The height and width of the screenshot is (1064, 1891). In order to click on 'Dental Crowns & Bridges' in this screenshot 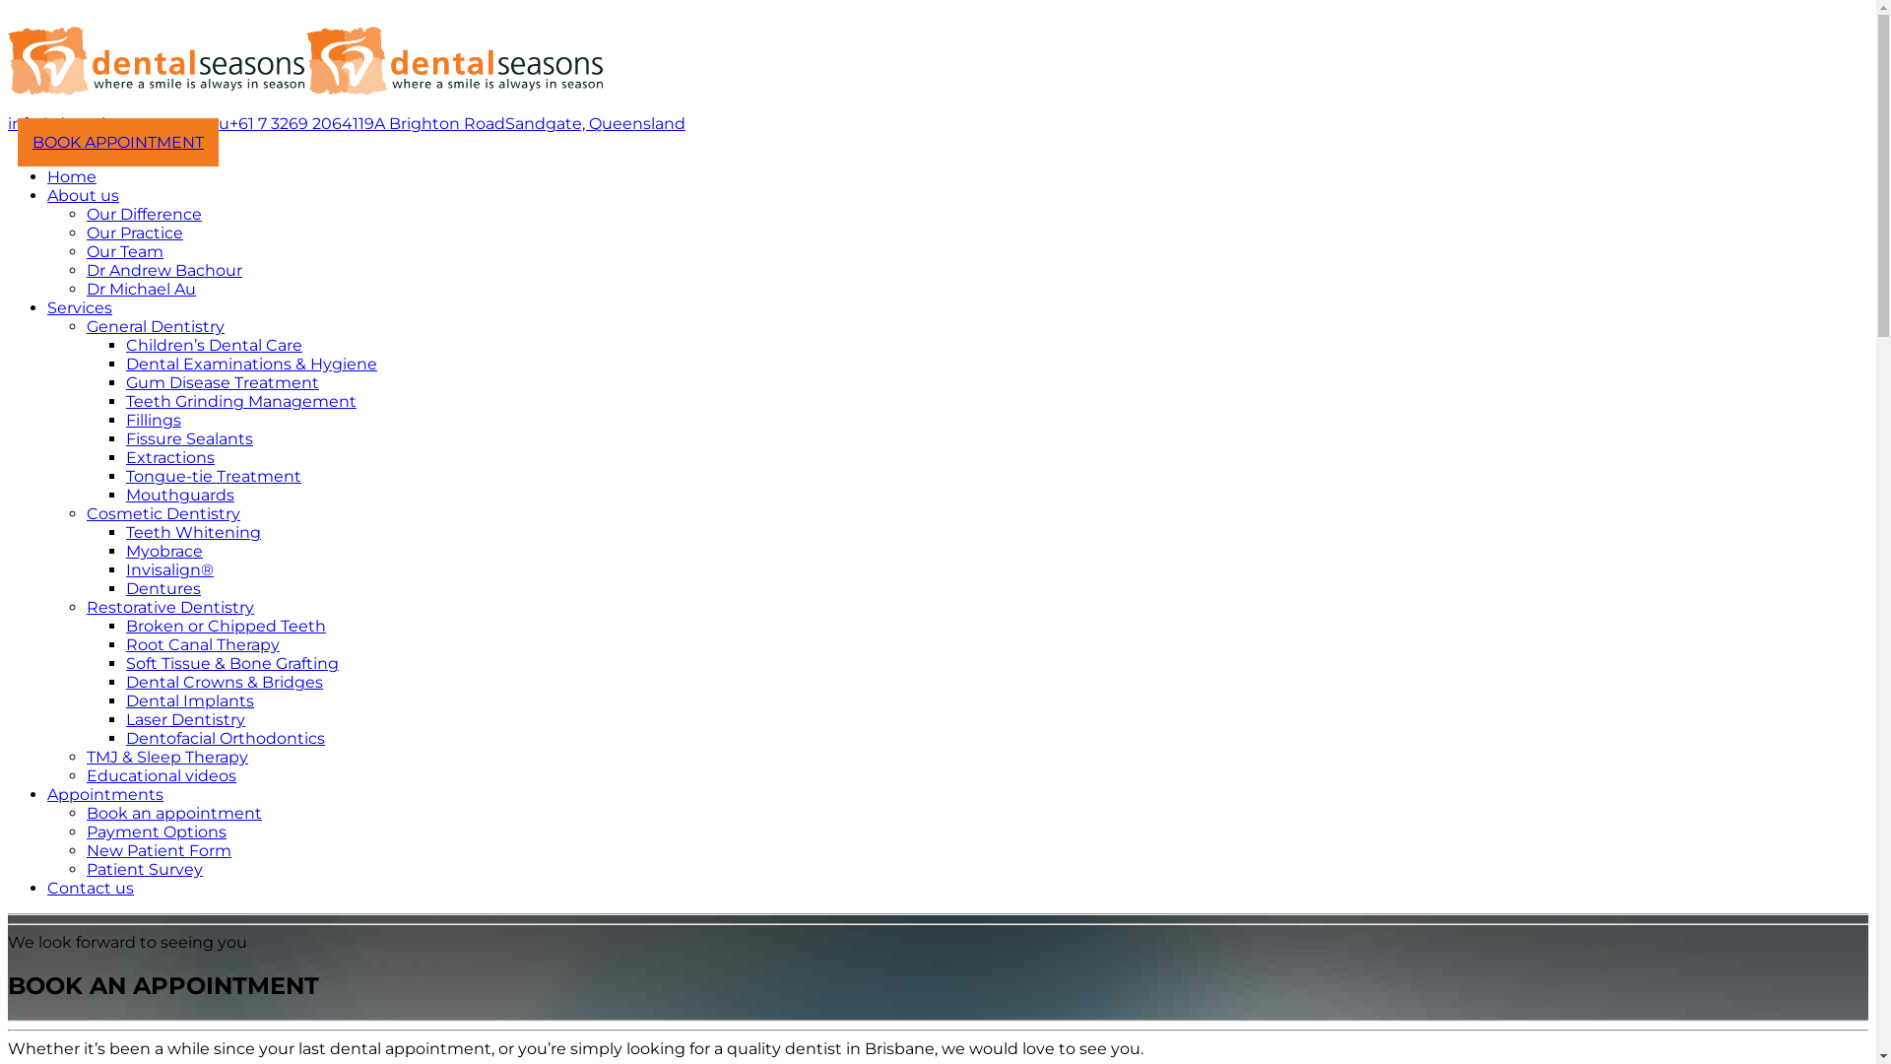, I will do `click(125, 681)`.